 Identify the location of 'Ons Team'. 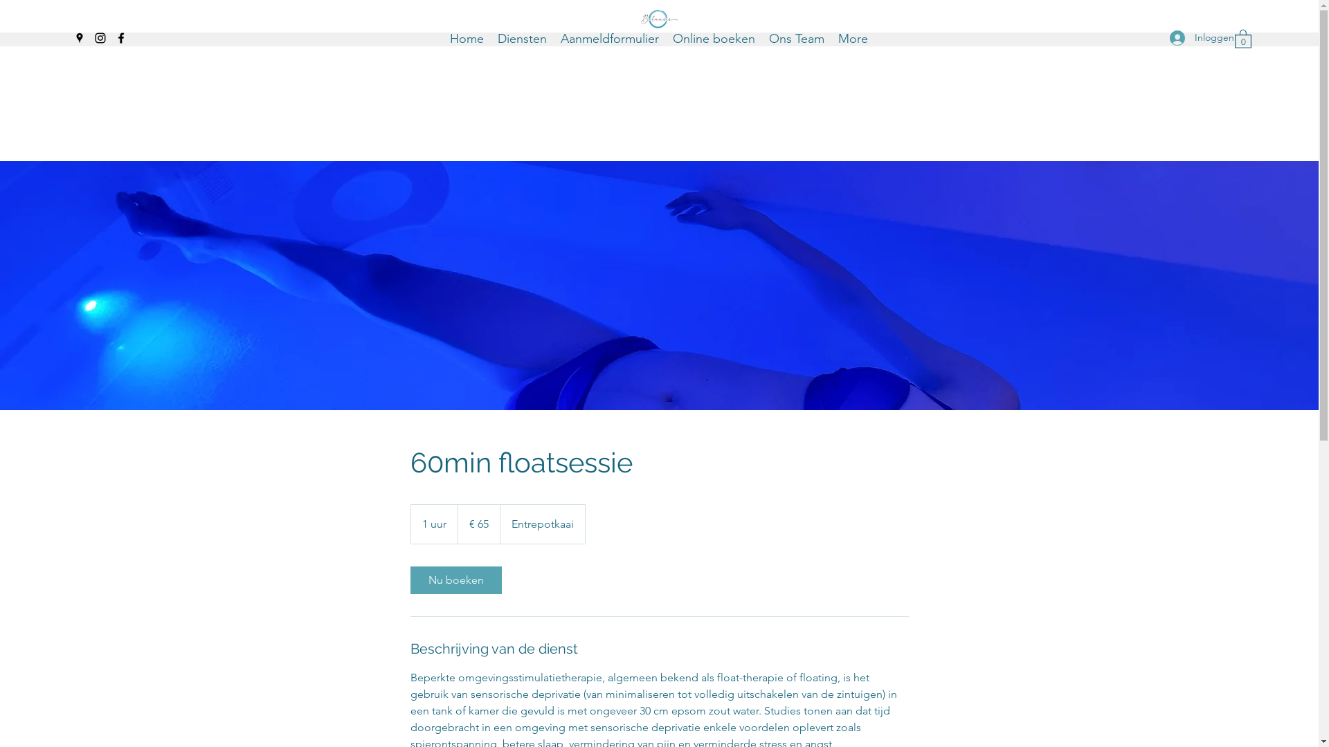
(797, 37).